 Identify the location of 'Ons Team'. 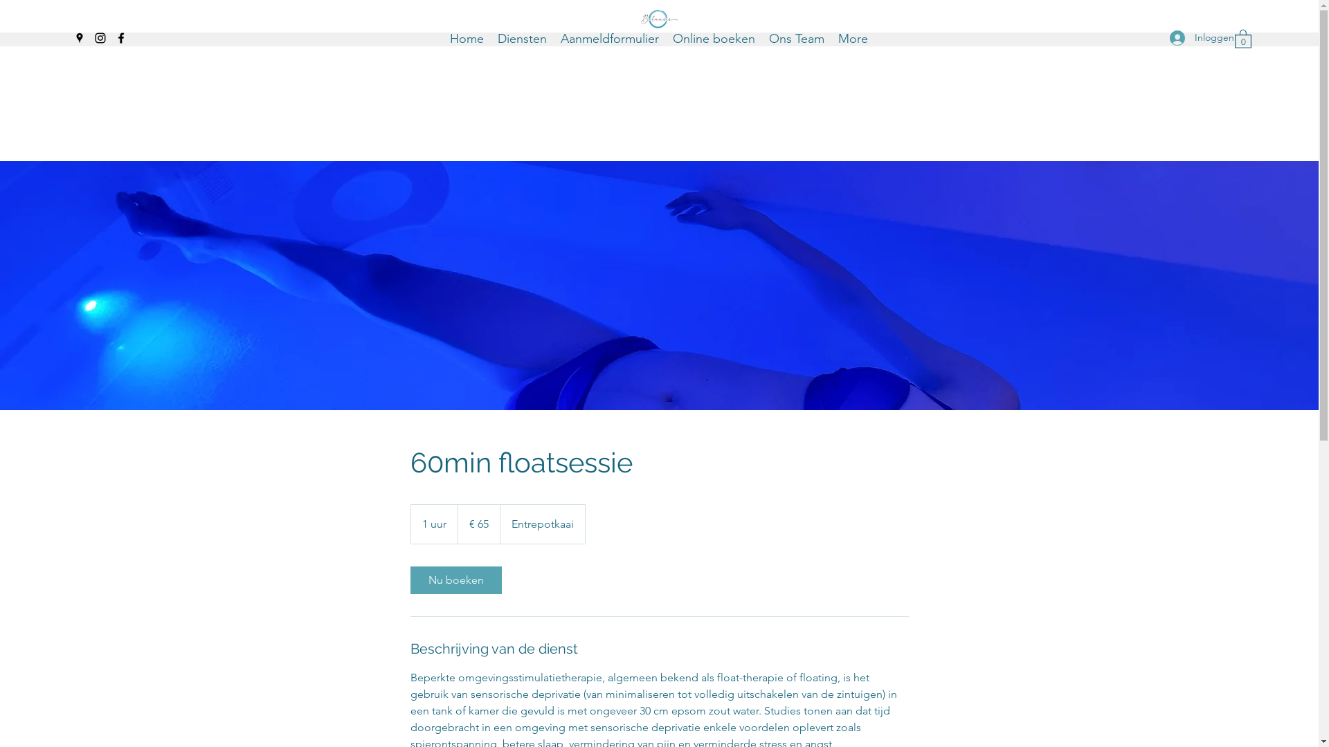
(797, 37).